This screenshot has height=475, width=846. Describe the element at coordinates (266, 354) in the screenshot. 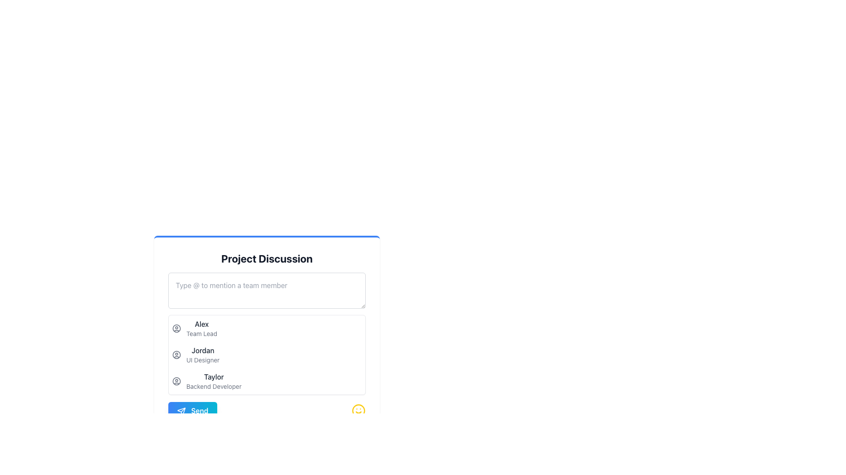

I see `the list item representing the user profile of 'Jordan', a UI Designer, to interact with it` at that location.